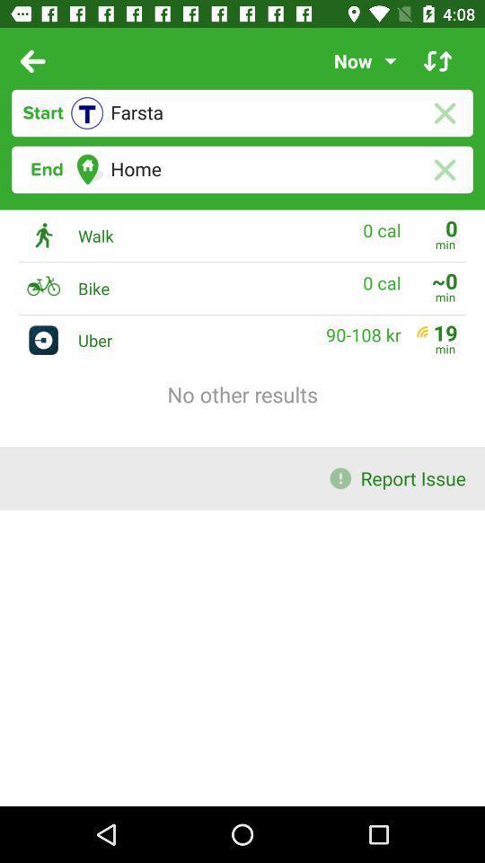 The width and height of the screenshot is (485, 863). I want to click on closed, so click(444, 170).